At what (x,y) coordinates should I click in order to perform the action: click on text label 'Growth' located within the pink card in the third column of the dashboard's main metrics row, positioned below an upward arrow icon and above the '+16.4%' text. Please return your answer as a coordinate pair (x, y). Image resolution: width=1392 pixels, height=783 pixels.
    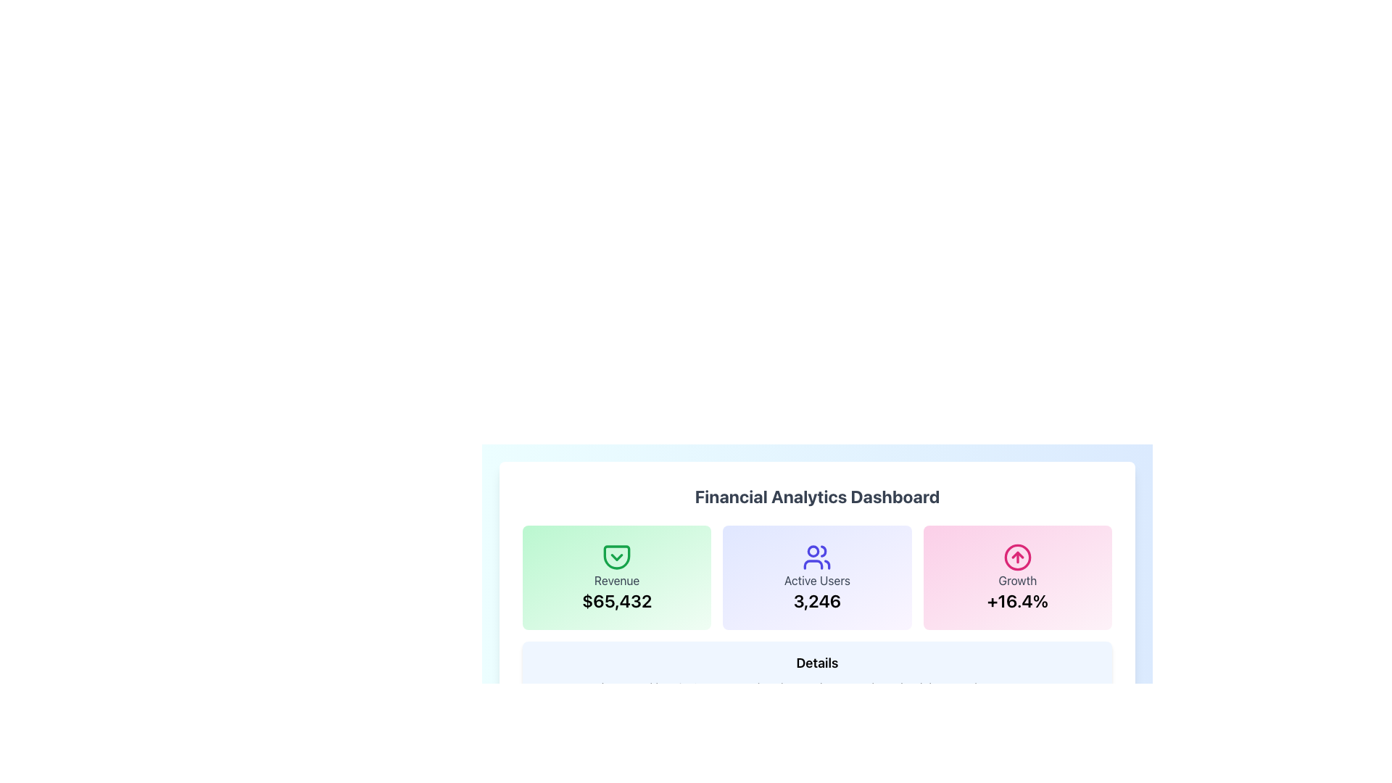
    Looking at the image, I should click on (1016, 580).